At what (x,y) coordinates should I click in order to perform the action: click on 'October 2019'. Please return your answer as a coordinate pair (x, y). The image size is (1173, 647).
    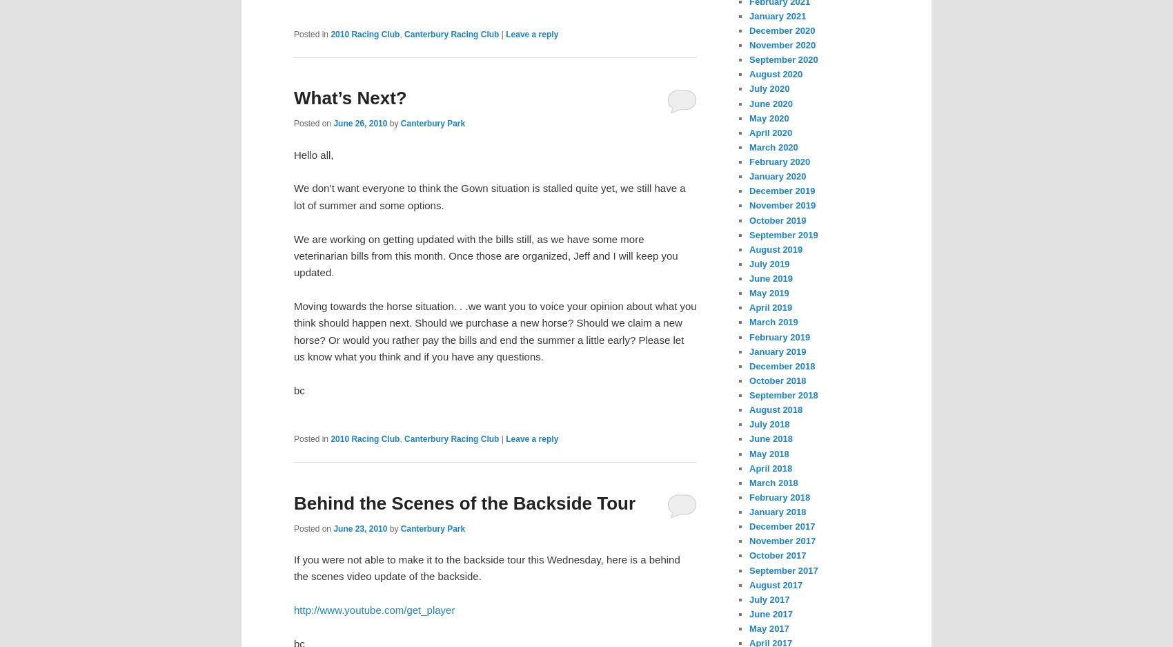
    Looking at the image, I should click on (777, 219).